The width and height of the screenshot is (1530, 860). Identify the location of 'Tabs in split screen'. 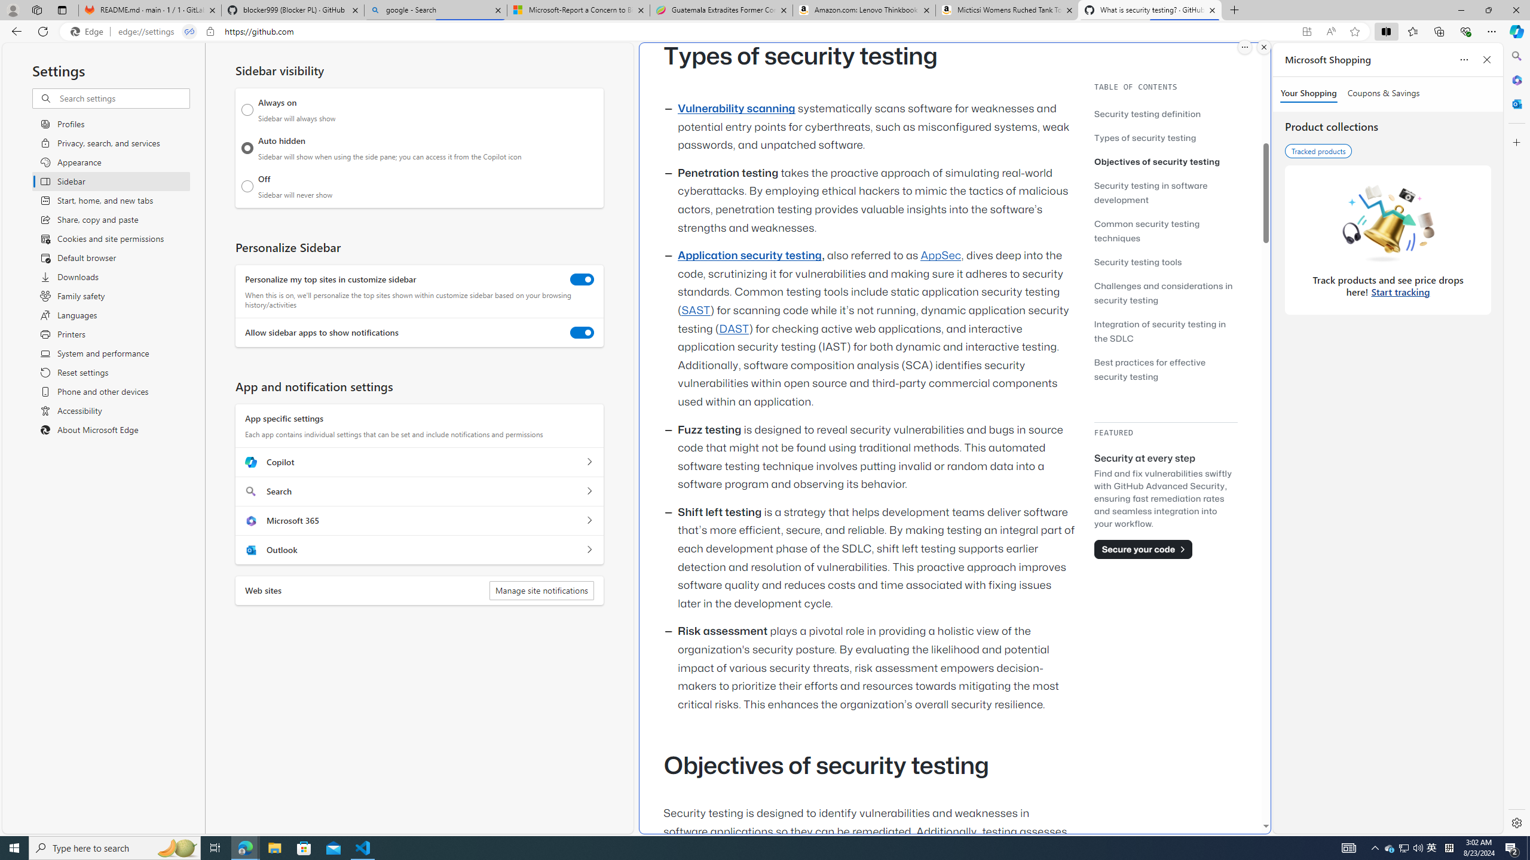
(189, 32).